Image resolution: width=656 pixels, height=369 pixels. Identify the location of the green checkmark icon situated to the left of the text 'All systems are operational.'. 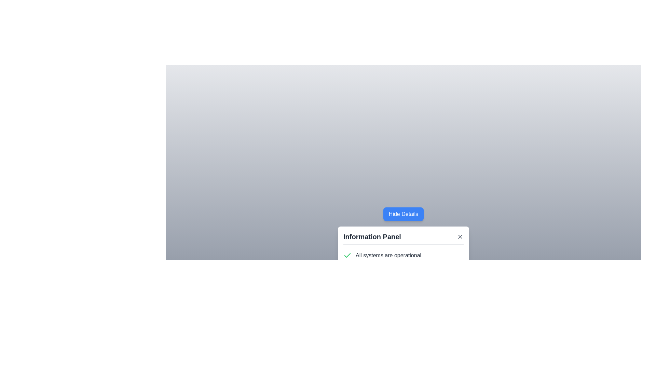
(347, 255).